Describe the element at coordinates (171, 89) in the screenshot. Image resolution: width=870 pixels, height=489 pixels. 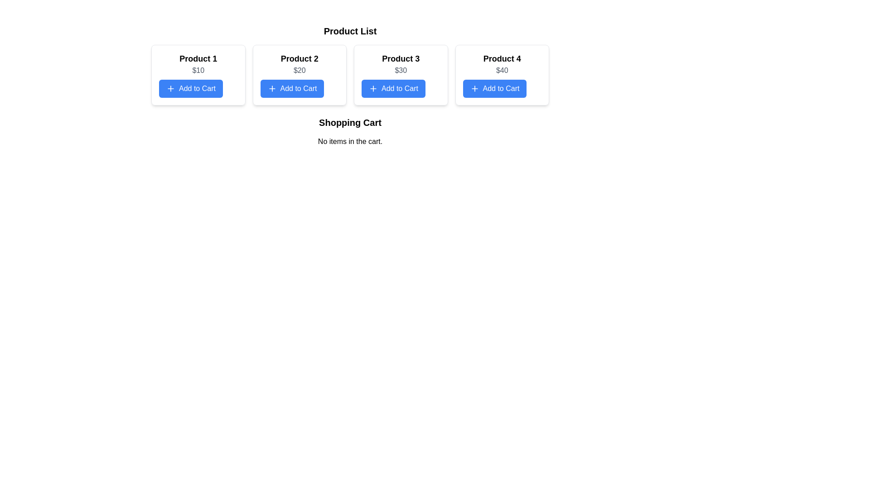
I see `the icon for adding the associated product to the shopping cart located on the left side of the 'Add to Cart' button under 'Product 1'` at that location.